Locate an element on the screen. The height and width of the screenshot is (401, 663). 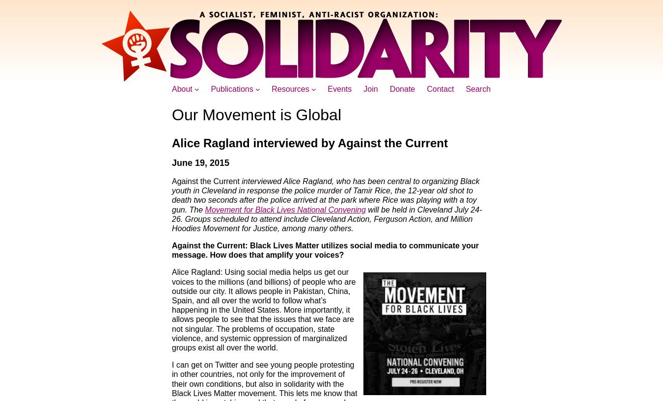
'Our Movement is Global' is located at coordinates (256, 114).